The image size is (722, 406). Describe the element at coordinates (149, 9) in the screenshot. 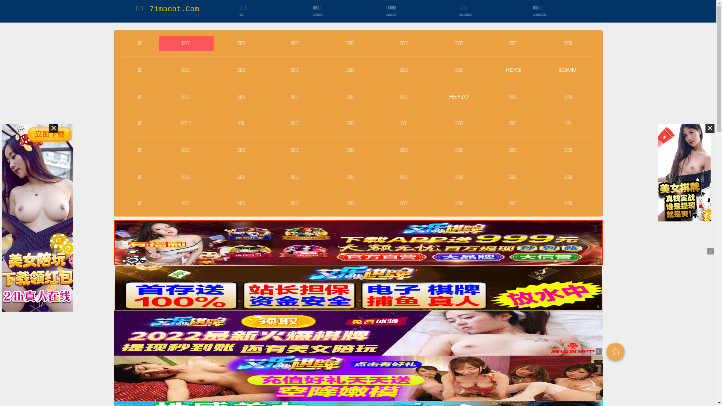

I see `'71maobt.Com'` at that location.